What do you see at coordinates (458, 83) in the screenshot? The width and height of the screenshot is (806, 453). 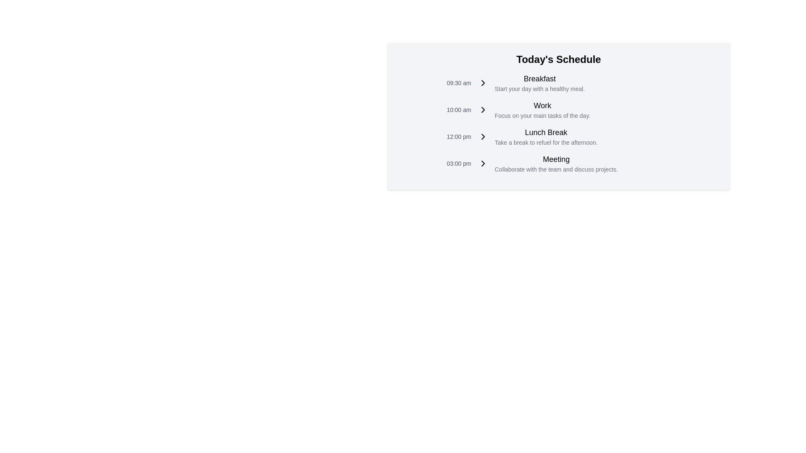 I see `the time display text label for the 'Breakfast' activity in the 'Today's Schedule' interface` at bounding box center [458, 83].